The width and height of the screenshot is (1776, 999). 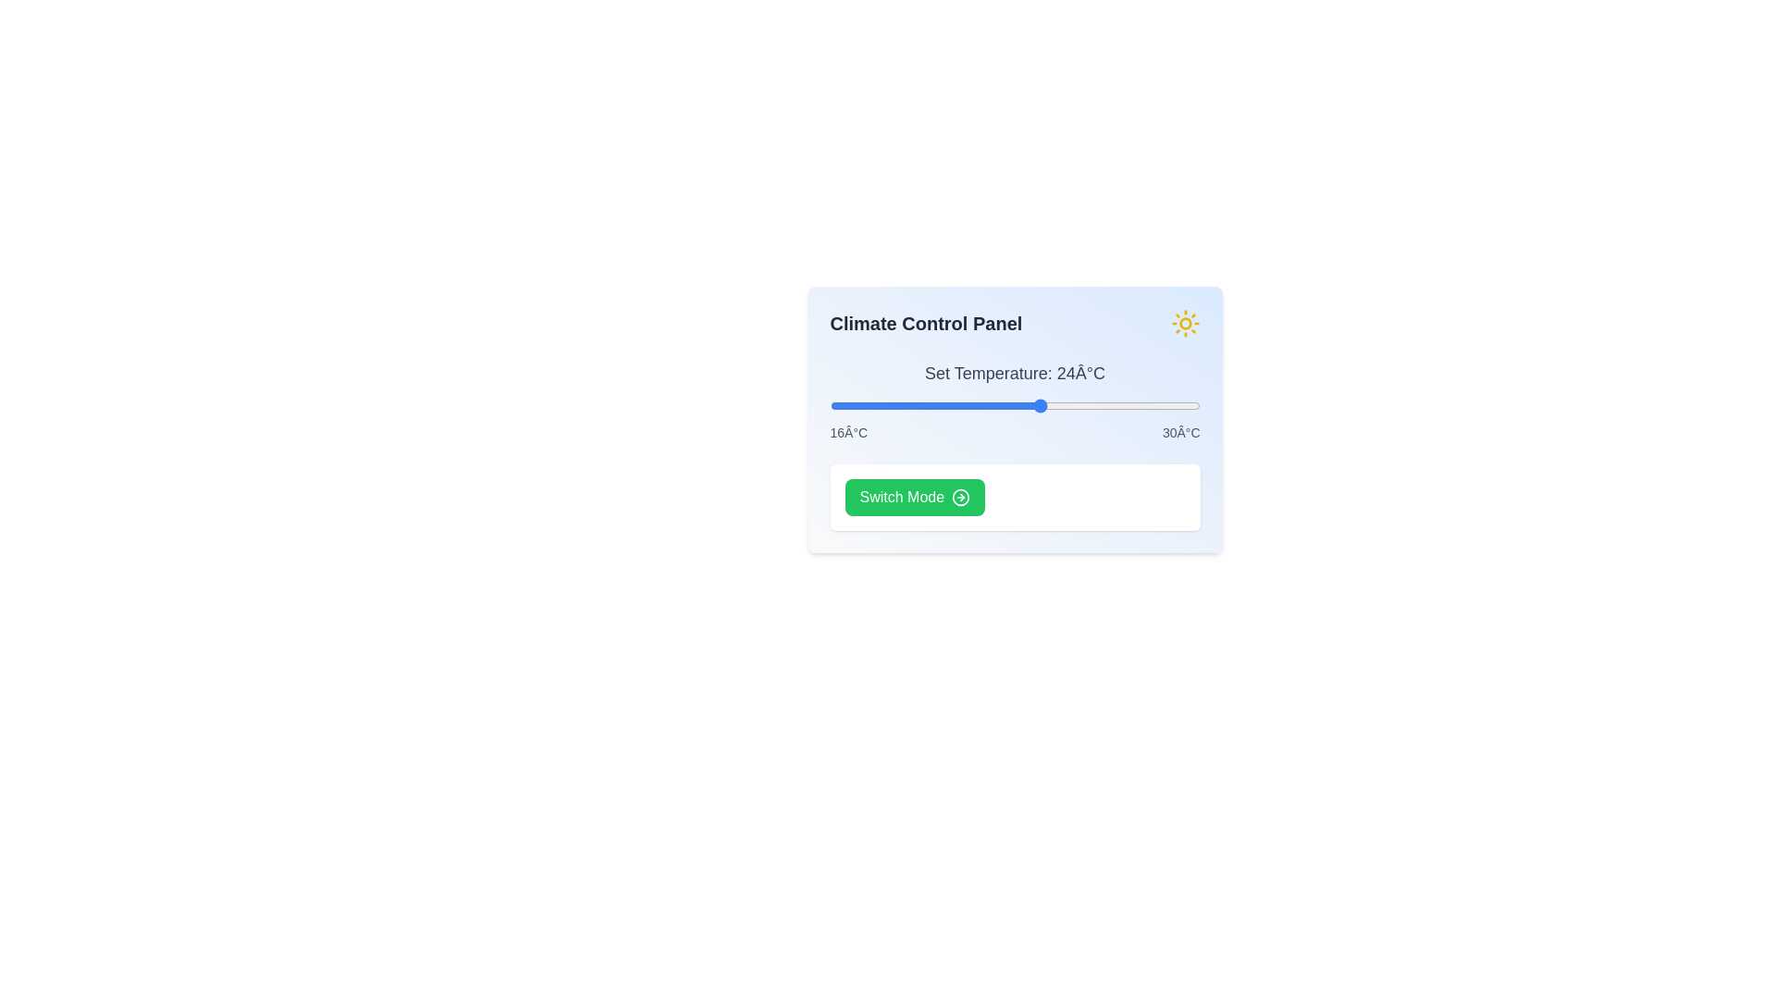 I want to click on the temperature range slider labeled 'Set Temperature: 24°C', so click(x=1014, y=401).